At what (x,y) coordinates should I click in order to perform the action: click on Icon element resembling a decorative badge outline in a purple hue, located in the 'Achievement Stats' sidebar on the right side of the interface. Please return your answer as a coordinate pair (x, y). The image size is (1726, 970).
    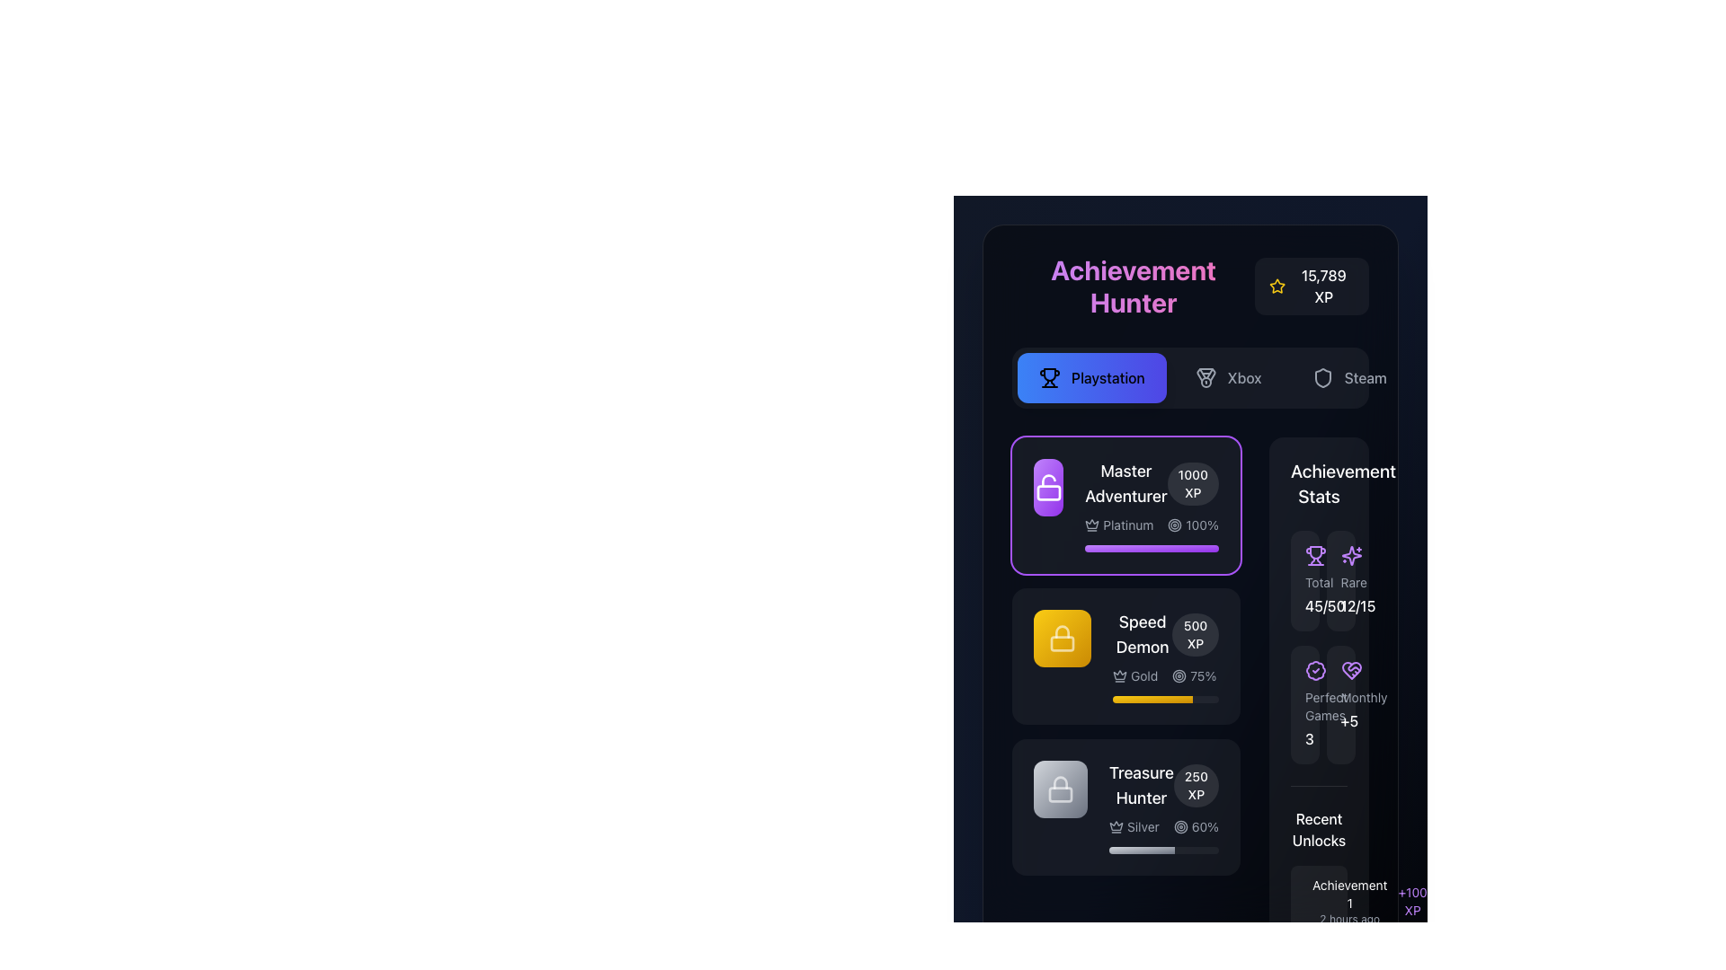
    Looking at the image, I should click on (1316, 671).